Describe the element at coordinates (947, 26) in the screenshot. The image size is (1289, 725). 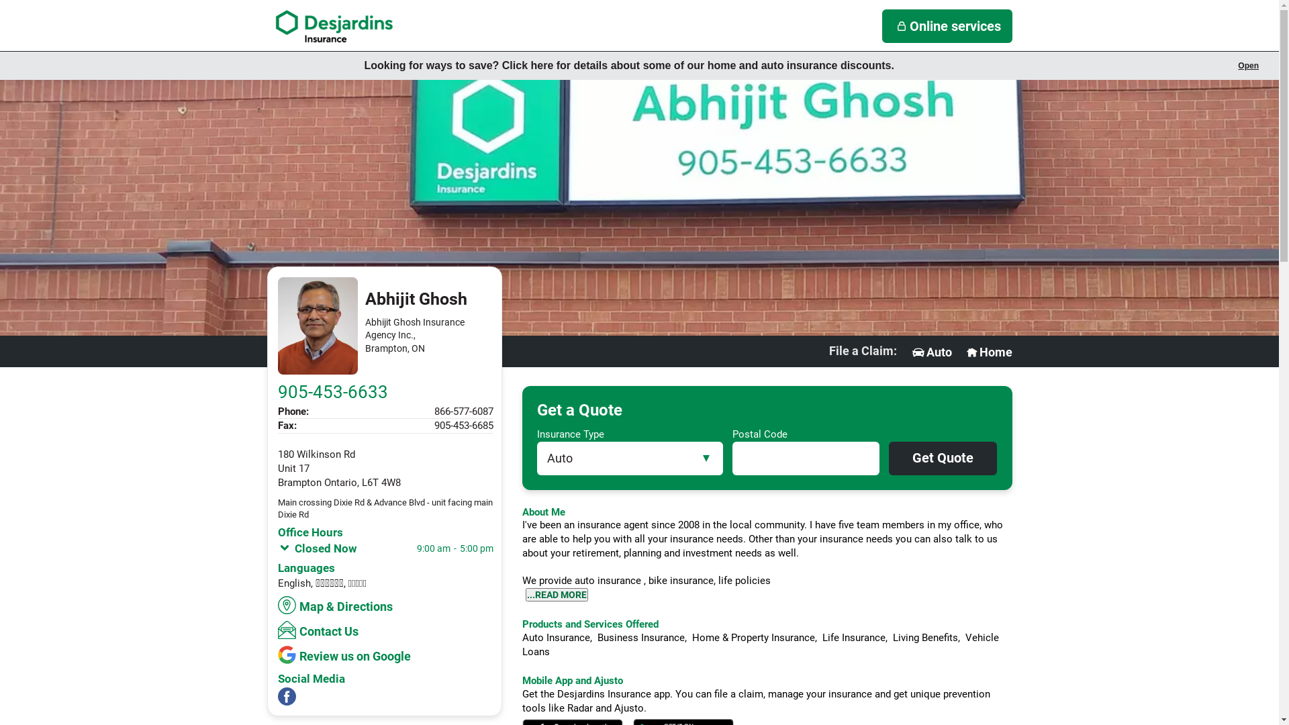
I see `'Online services'` at that location.